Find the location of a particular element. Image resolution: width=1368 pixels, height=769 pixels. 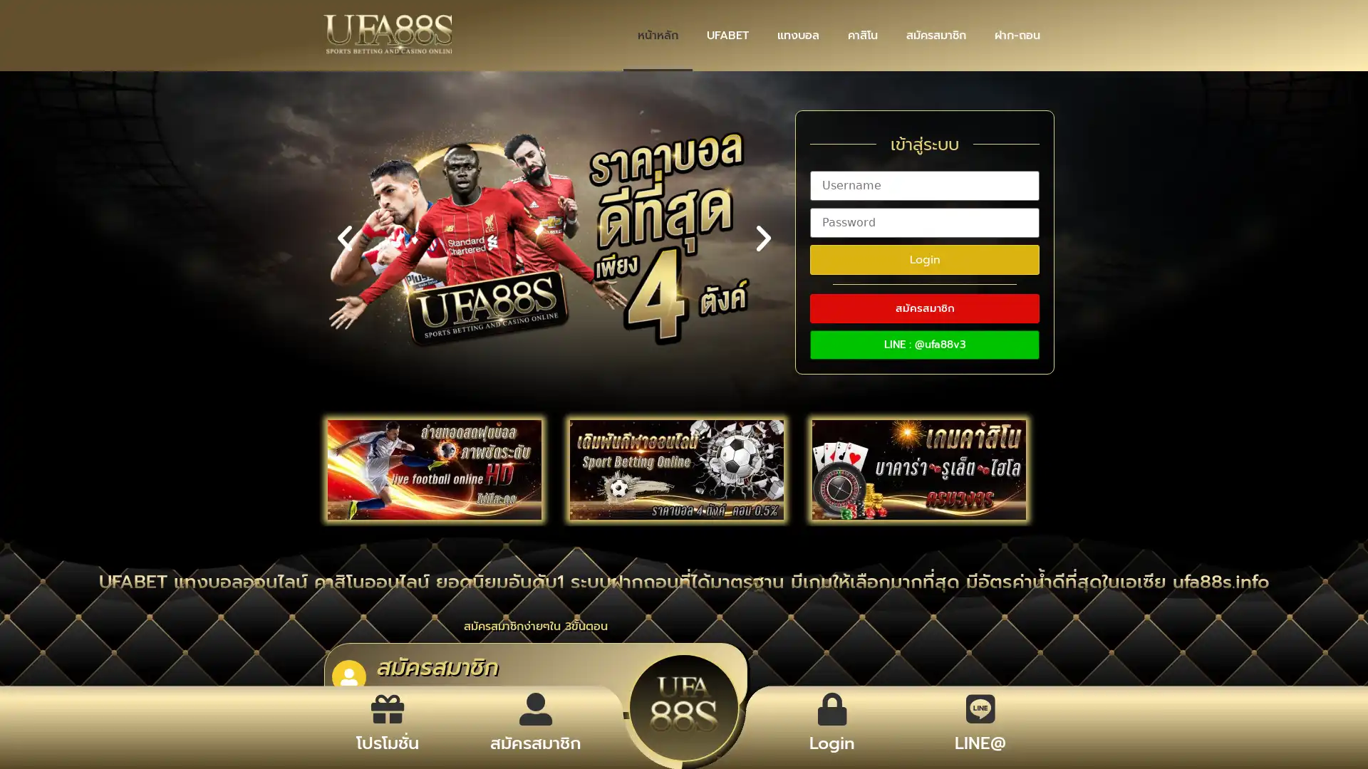

LINE : @ufa88v3 is located at coordinates (924, 344).